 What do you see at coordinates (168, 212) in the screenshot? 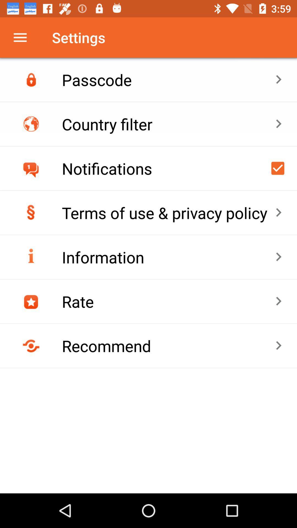
I see `terms of use item` at bounding box center [168, 212].